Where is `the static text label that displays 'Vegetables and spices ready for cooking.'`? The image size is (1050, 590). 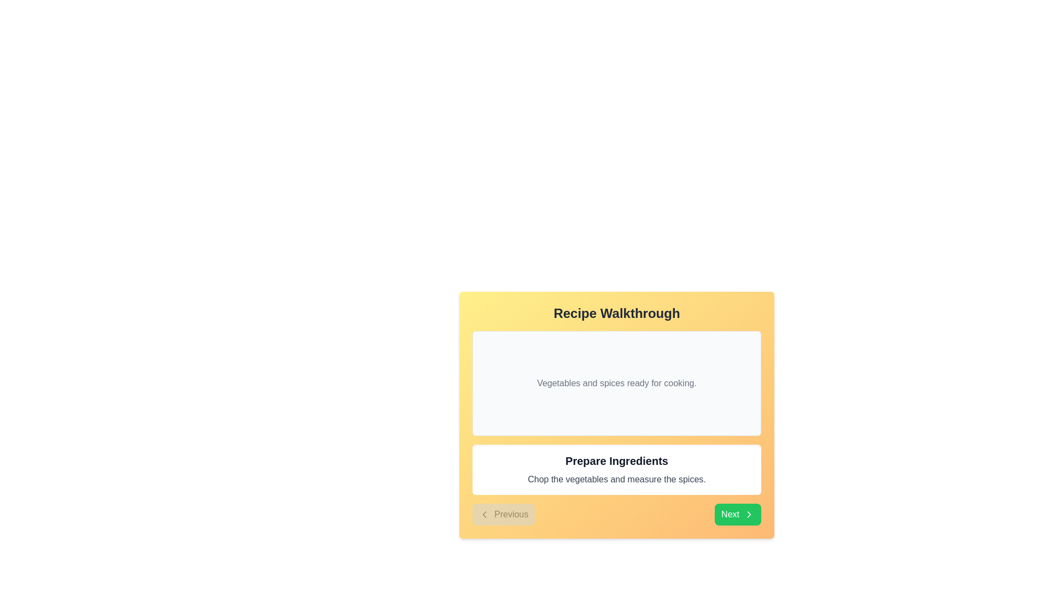 the static text label that displays 'Vegetables and spices ready for cooking.' is located at coordinates (617, 383).